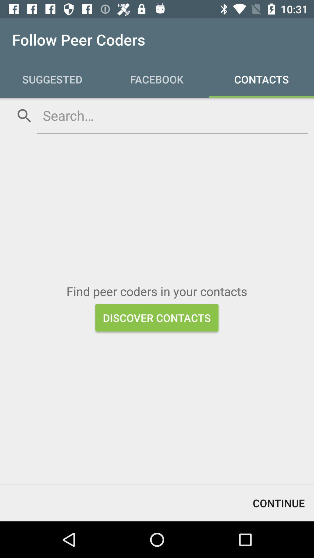 The height and width of the screenshot is (558, 314). I want to click on search, so click(172, 115).